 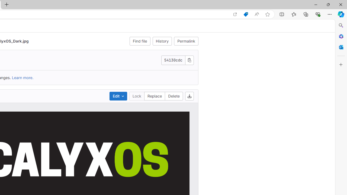 I want to click on 'Replace', so click(x=154, y=96).